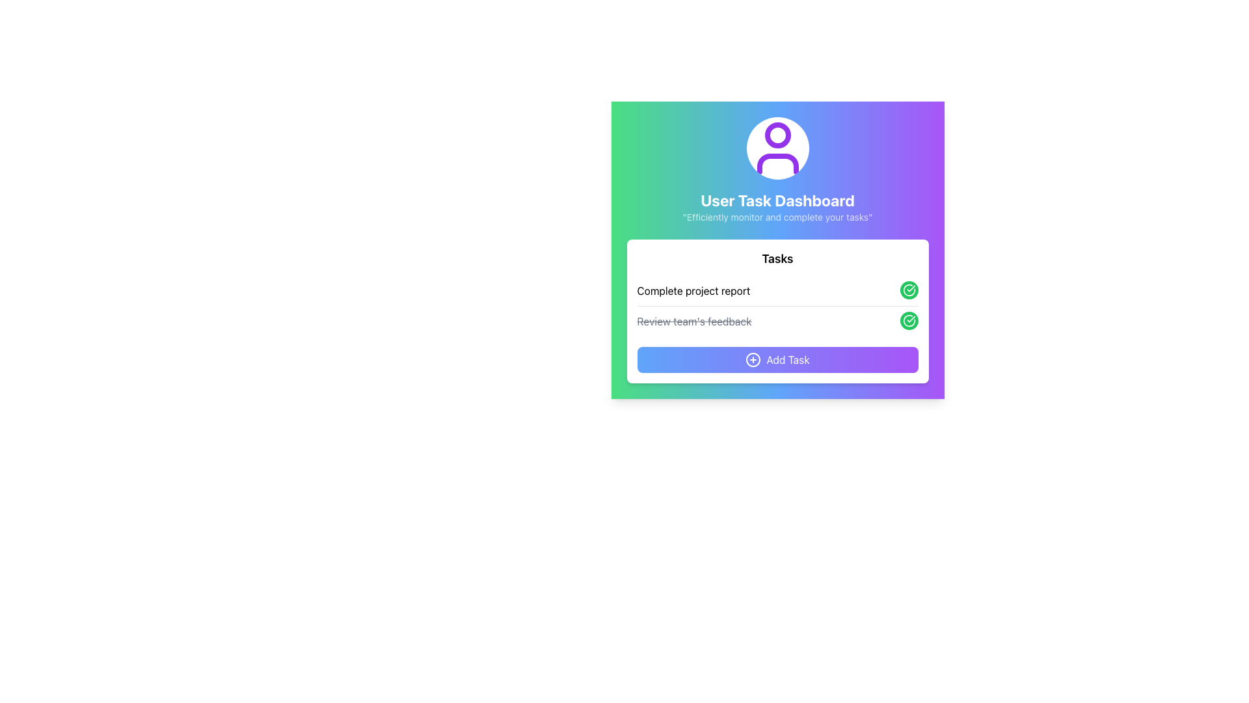 The width and height of the screenshot is (1249, 703). Describe the element at coordinates (777, 258) in the screenshot. I see `the 'Tasks' text label, which is a bold header at the top of a white rectangular card containing task-related items` at that location.